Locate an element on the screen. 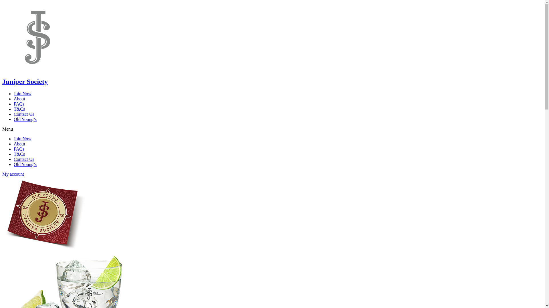 Image resolution: width=549 pixels, height=308 pixels. 'Join Now' is located at coordinates (22, 139).